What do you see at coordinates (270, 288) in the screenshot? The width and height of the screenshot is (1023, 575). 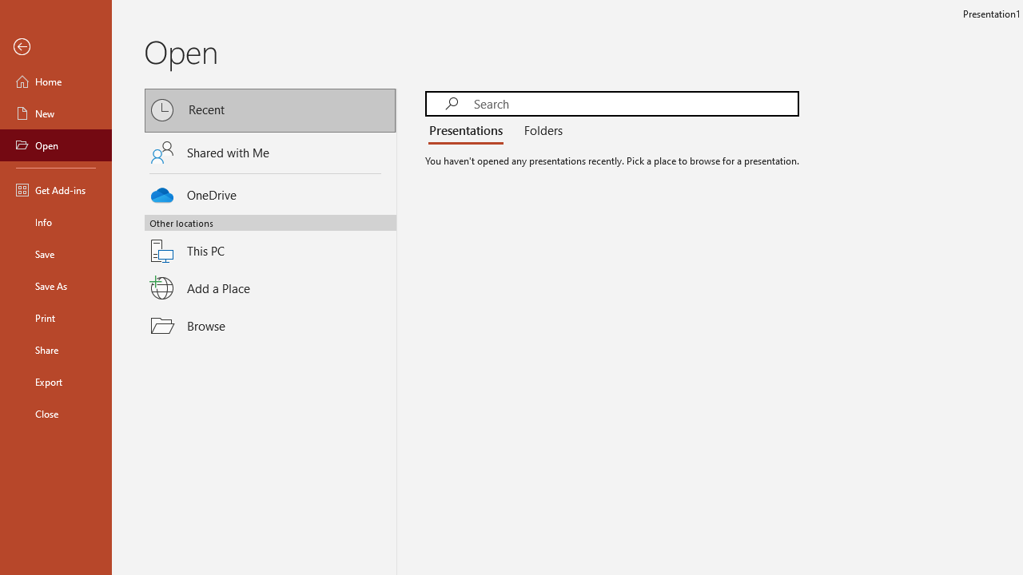 I see `'Add a Place'` at bounding box center [270, 288].